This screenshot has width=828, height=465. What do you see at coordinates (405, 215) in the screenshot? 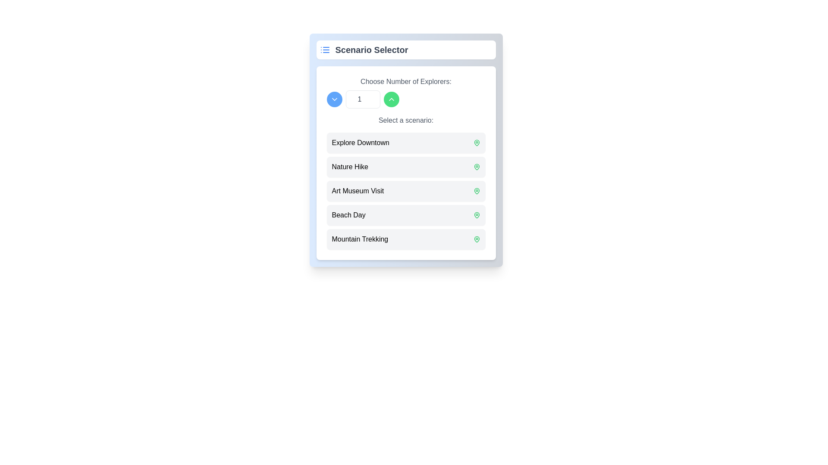
I see `the selectable card labeled 'Beach Day' which is the fourth item in the list, positioned between 'Art Museum Visit' and 'Mountain Trekking'` at bounding box center [405, 215].